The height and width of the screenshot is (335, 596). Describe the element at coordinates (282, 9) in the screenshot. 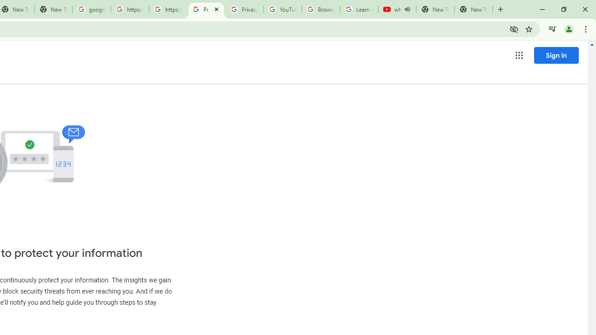

I see `'YouTube'` at that location.